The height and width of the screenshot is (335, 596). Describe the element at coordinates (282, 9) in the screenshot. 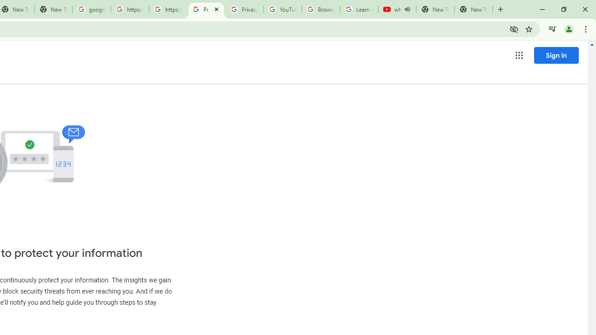

I see `'YouTube'` at that location.